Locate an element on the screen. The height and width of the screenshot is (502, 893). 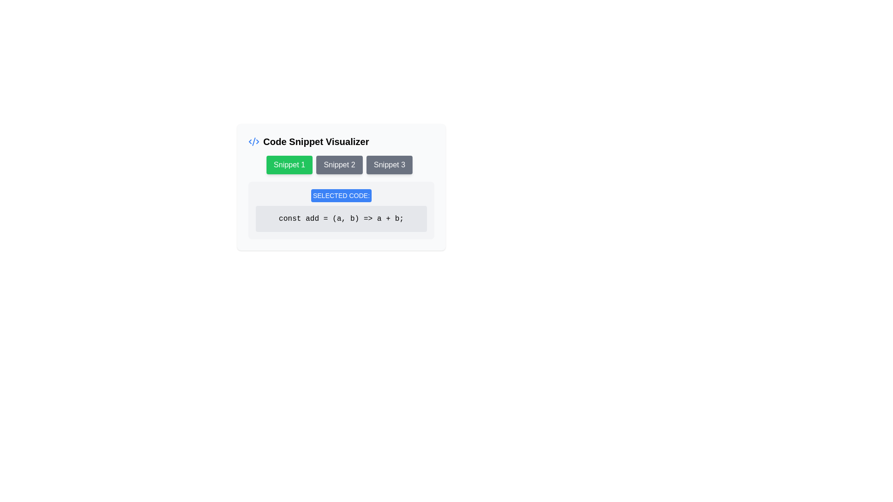
the header element which contains an icon and text, indicating its role as a code snippet visualizer is located at coordinates (341, 141).